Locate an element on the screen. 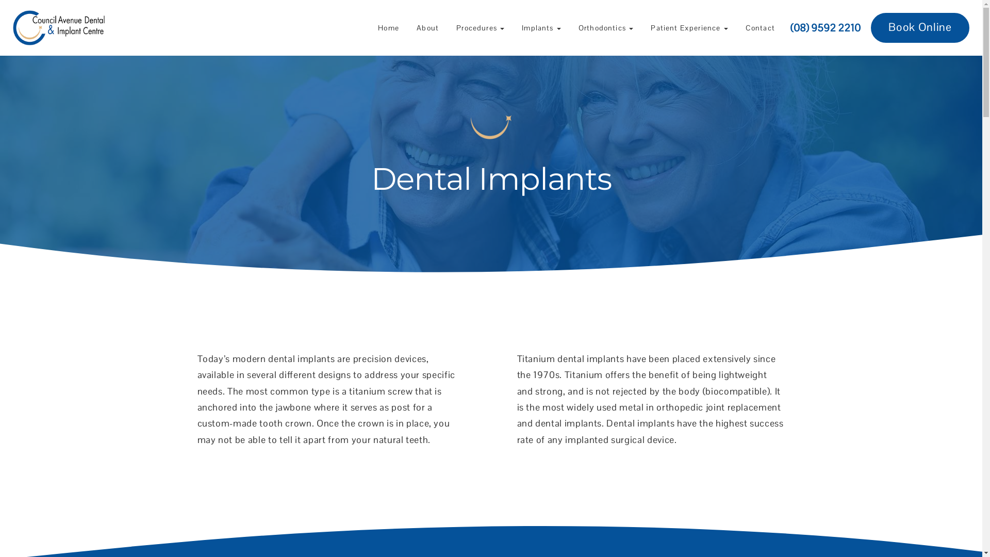 The width and height of the screenshot is (990, 557). '(08) 9592 2210' is located at coordinates (789, 27).